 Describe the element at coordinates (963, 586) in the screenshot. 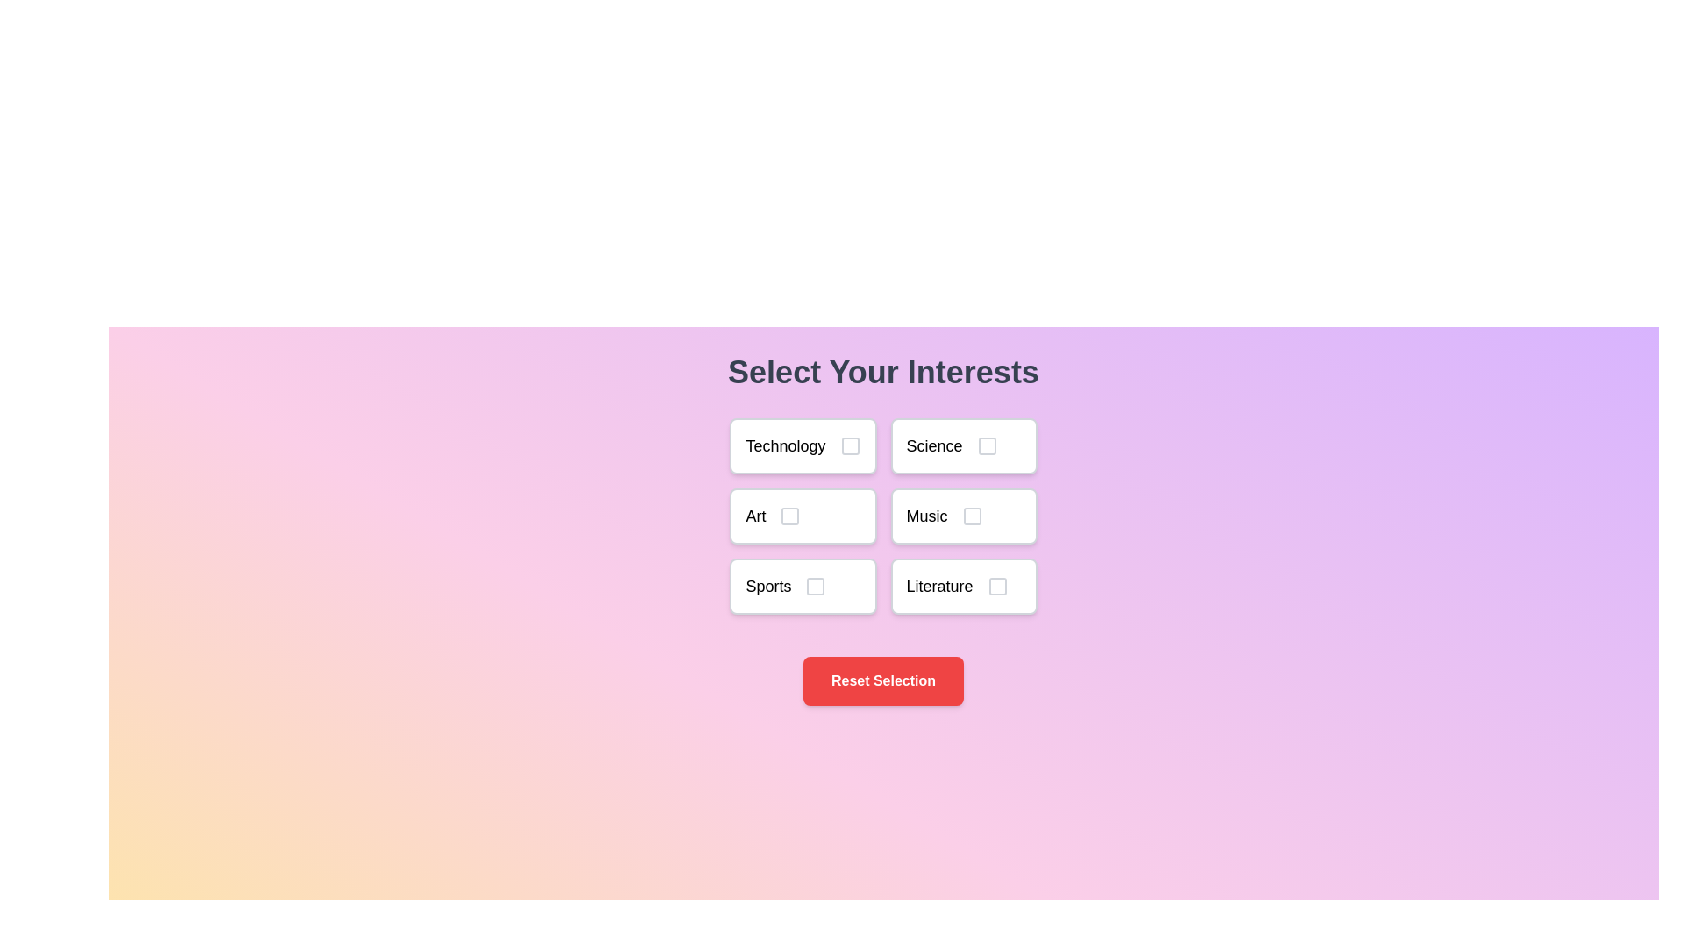

I see `the topic Literature` at that location.